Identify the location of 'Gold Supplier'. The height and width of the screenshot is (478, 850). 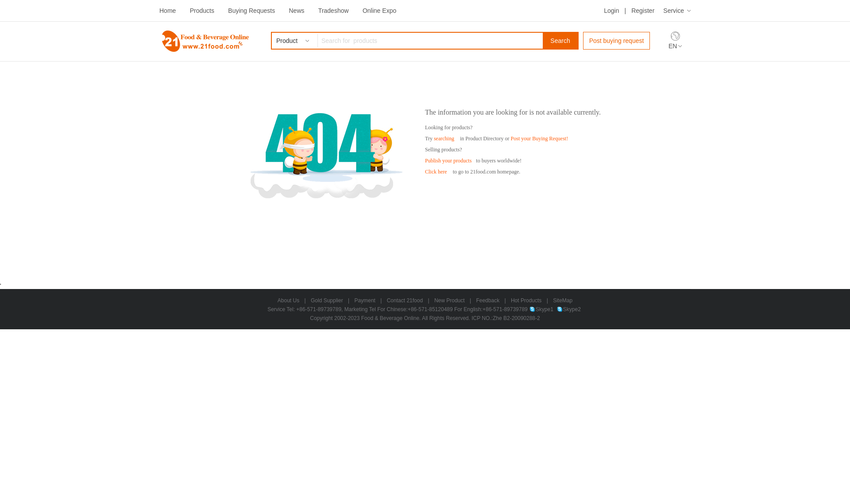
(326, 300).